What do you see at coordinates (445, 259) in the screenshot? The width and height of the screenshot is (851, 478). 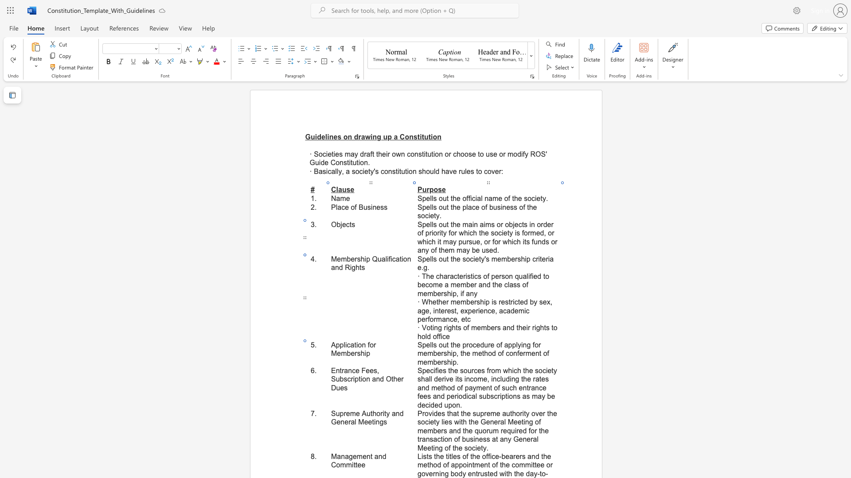 I see `the 1th character "u" in the text` at bounding box center [445, 259].